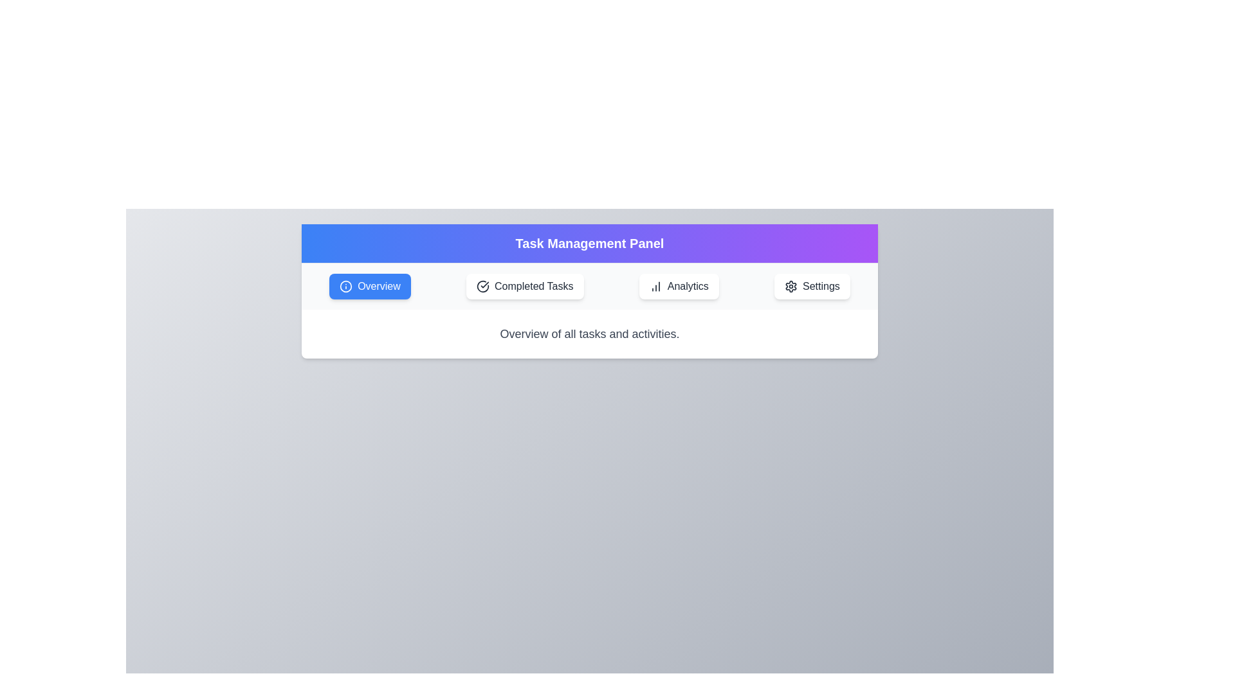 The width and height of the screenshot is (1235, 694). Describe the element at coordinates (678, 286) in the screenshot. I see `the analytics button, which is the third button in a horizontal group of four buttons, located to the right of 'Completed Tasks' and to the left of 'Settings'` at that location.